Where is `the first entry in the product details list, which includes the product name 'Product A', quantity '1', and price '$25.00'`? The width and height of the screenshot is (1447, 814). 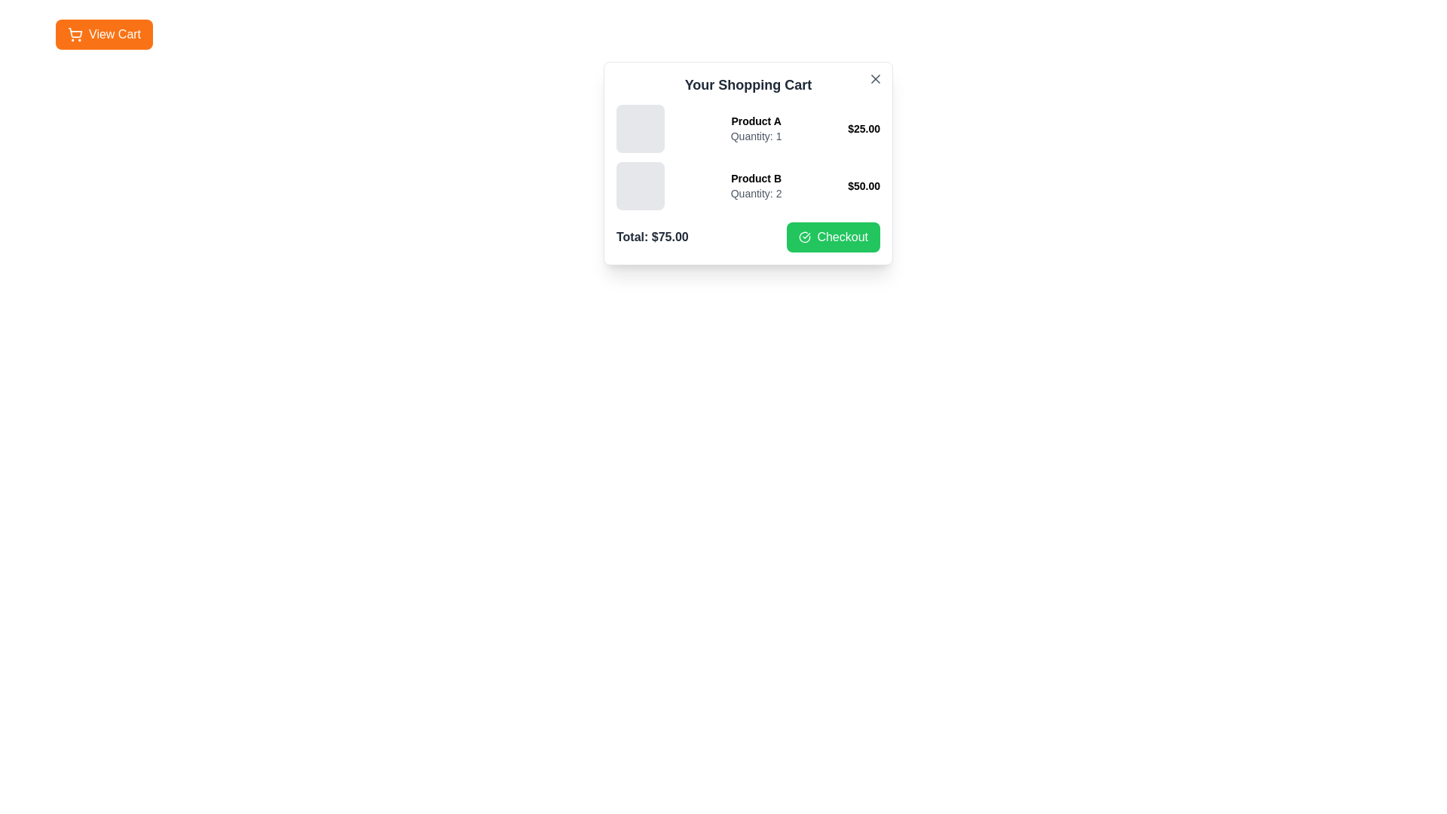 the first entry in the product details list, which includes the product name 'Product A', quantity '1', and price '$25.00' is located at coordinates (748, 127).